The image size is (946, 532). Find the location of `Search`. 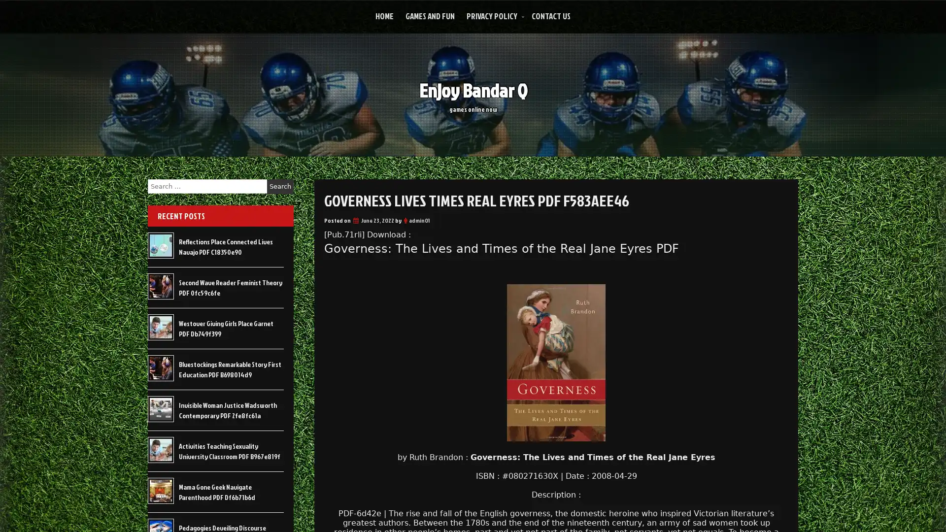

Search is located at coordinates (280, 186).